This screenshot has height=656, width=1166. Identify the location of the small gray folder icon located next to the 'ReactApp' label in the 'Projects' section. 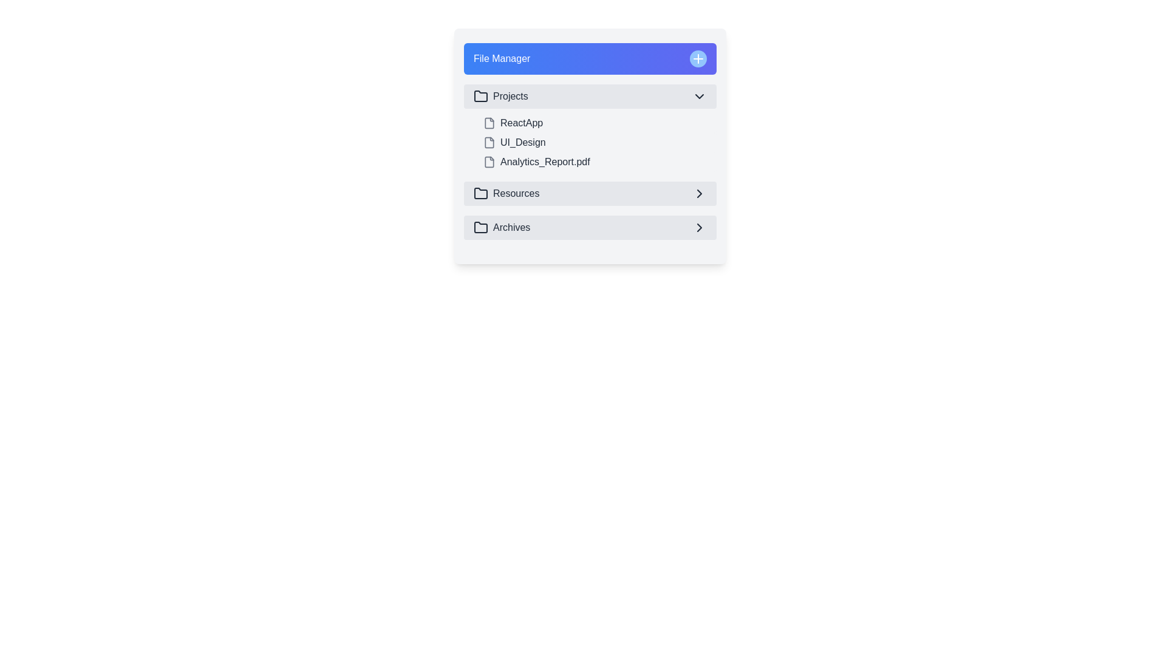
(489, 123).